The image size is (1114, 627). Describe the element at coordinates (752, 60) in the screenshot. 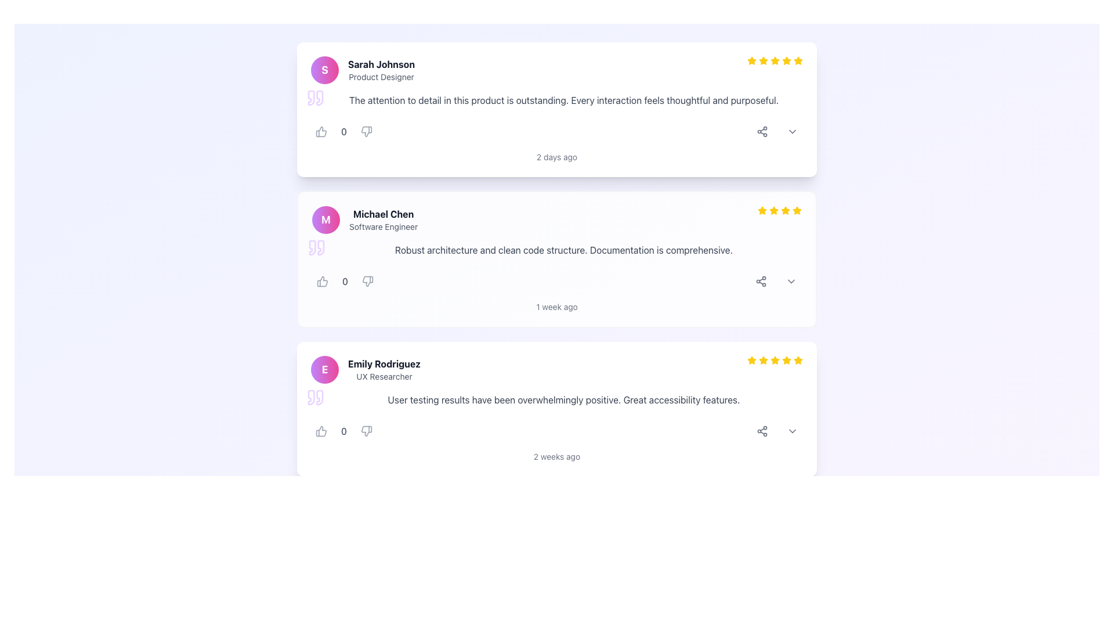

I see `the first rating star icon located at the top right corner of the first review card` at that location.